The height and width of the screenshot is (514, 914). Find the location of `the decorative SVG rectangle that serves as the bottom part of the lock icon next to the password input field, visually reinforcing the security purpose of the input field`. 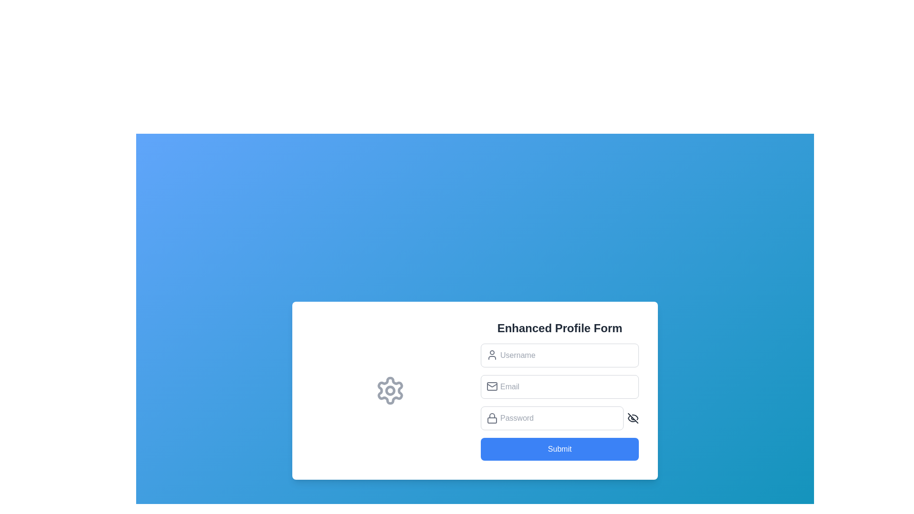

the decorative SVG rectangle that serves as the bottom part of the lock icon next to the password input field, visually reinforcing the security purpose of the input field is located at coordinates (492, 420).